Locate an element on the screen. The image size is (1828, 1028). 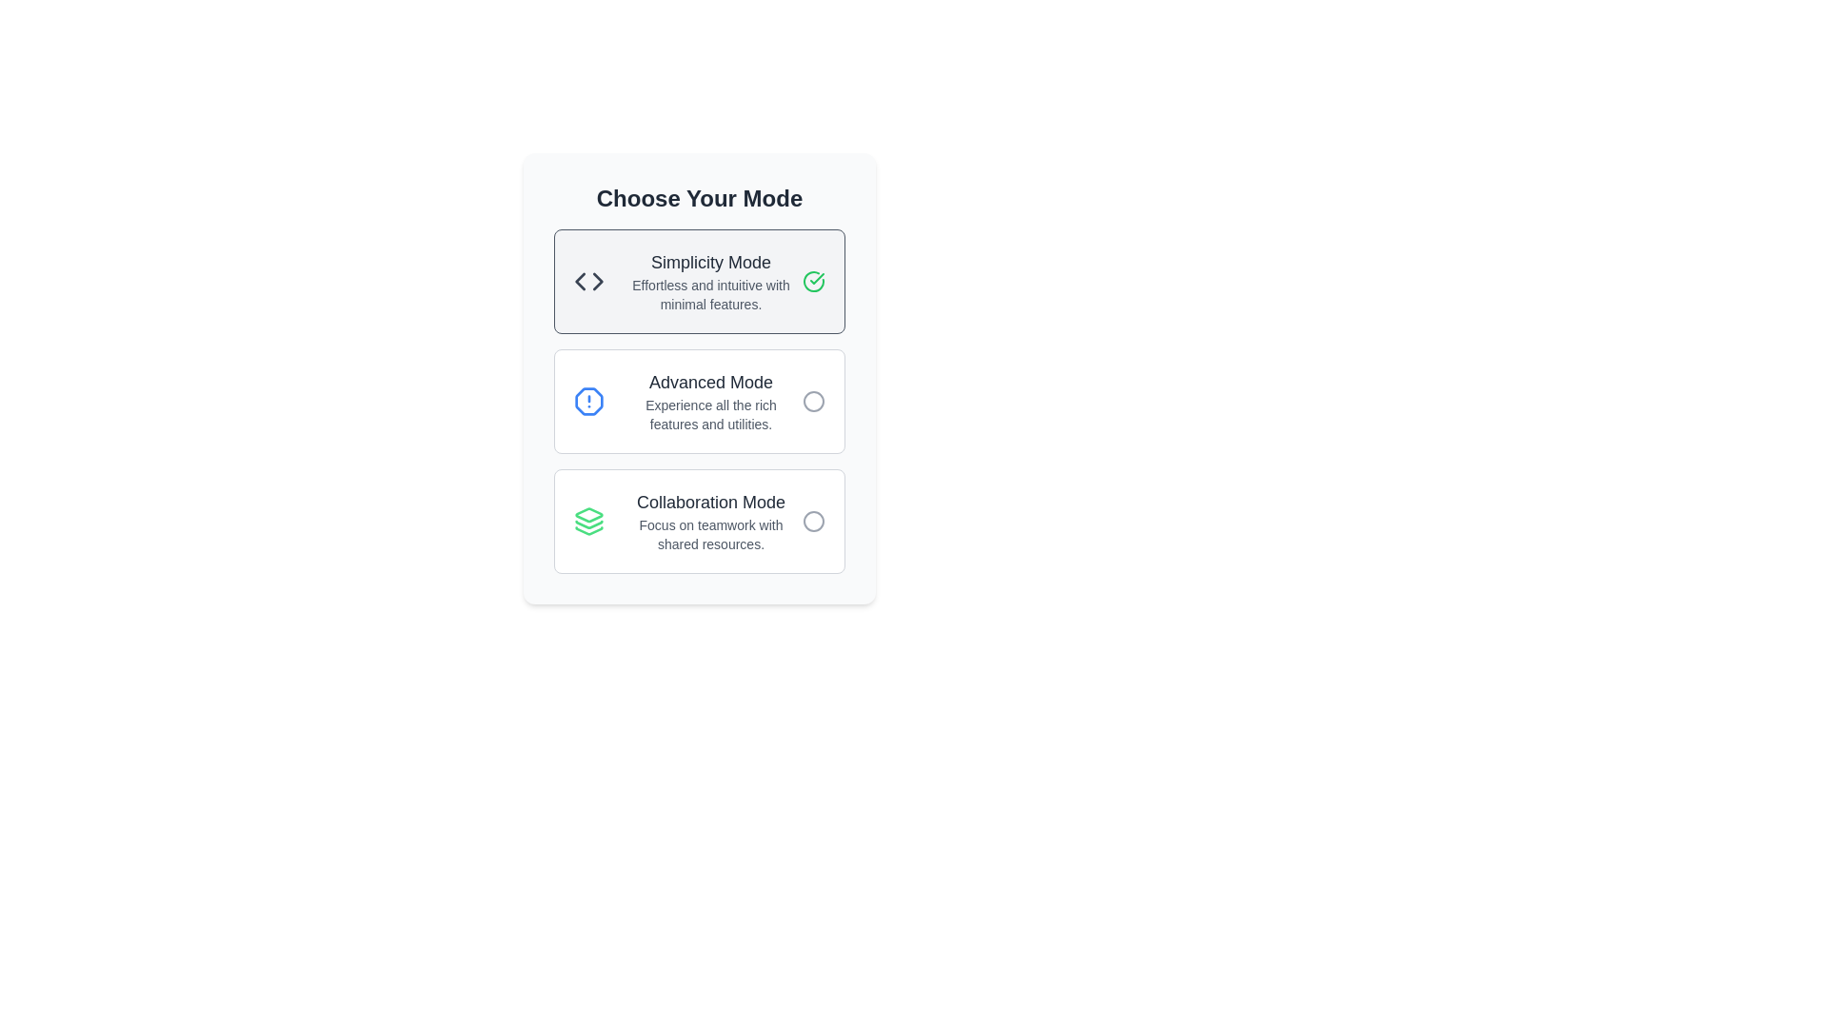
the visual design of the green triangular stack icon located at the top-center of the 'Collaboration Mode' option, which is the first layer in a stack of three is located at coordinates (588, 515).